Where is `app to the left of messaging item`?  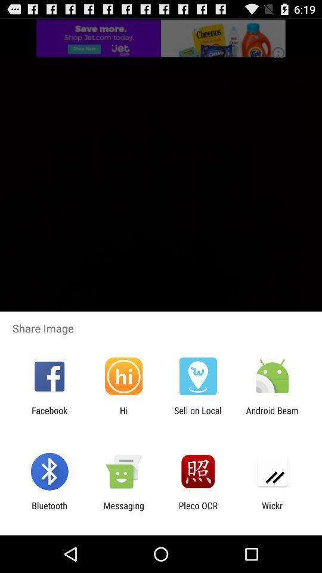 app to the left of messaging item is located at coordinates (49, 510).